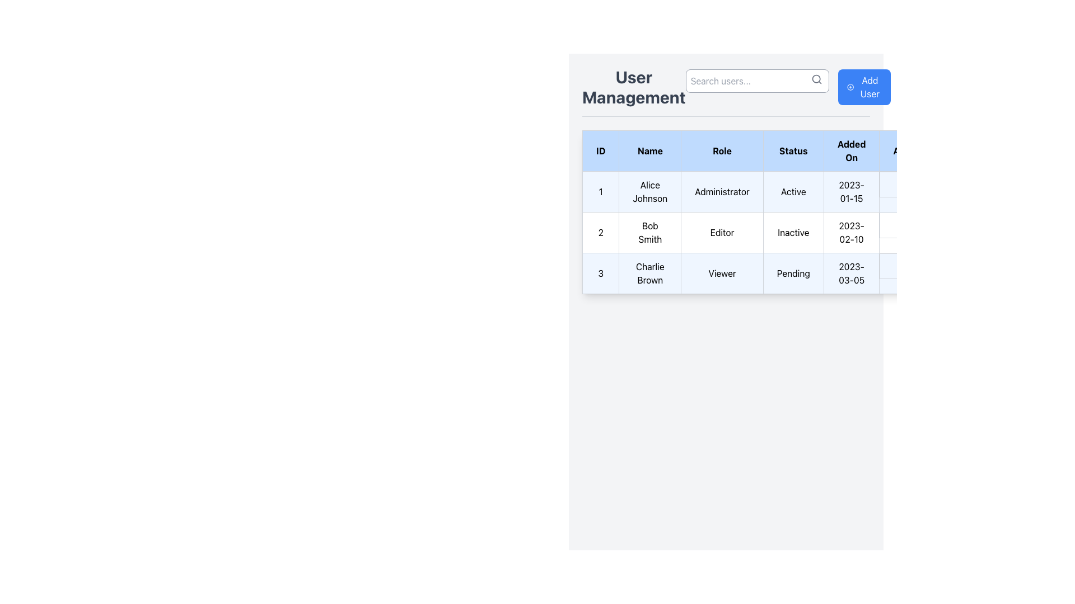 The width and height of the screenshot is (1075, 604). Describe the element at coordinates (600, 232) in the screenshot. I see `the static text element representing the ID number for the user entry in the first cell of the second row in the table below the 'User Management' header` at that location.